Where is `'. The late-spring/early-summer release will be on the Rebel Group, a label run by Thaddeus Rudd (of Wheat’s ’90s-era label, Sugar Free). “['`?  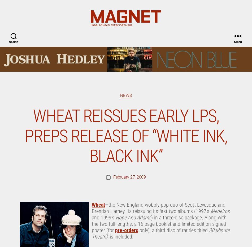
'. The late-spring/early-summer release will be on the Rebel Group, a label run by Thaddeus Rudd (of Wheat’s ’90s-era label, Sugar Free). “[' is located at coordinates (123, 94).